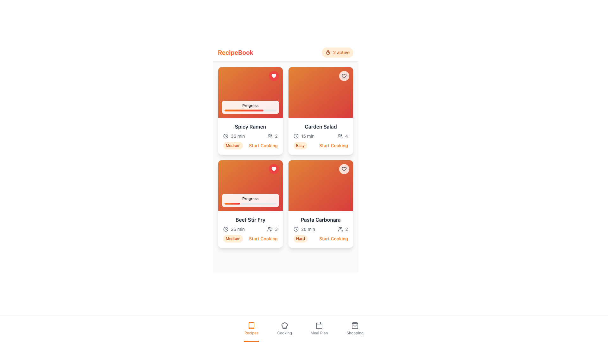 The height and width of the screenshot is (342, 608). What do you see at coordinates (250, 127) in the screenshot?
I see `the text label displaying the title of the first recipe card, located in the center region of the card, below the progress bar` at bounding box center [250, 127].